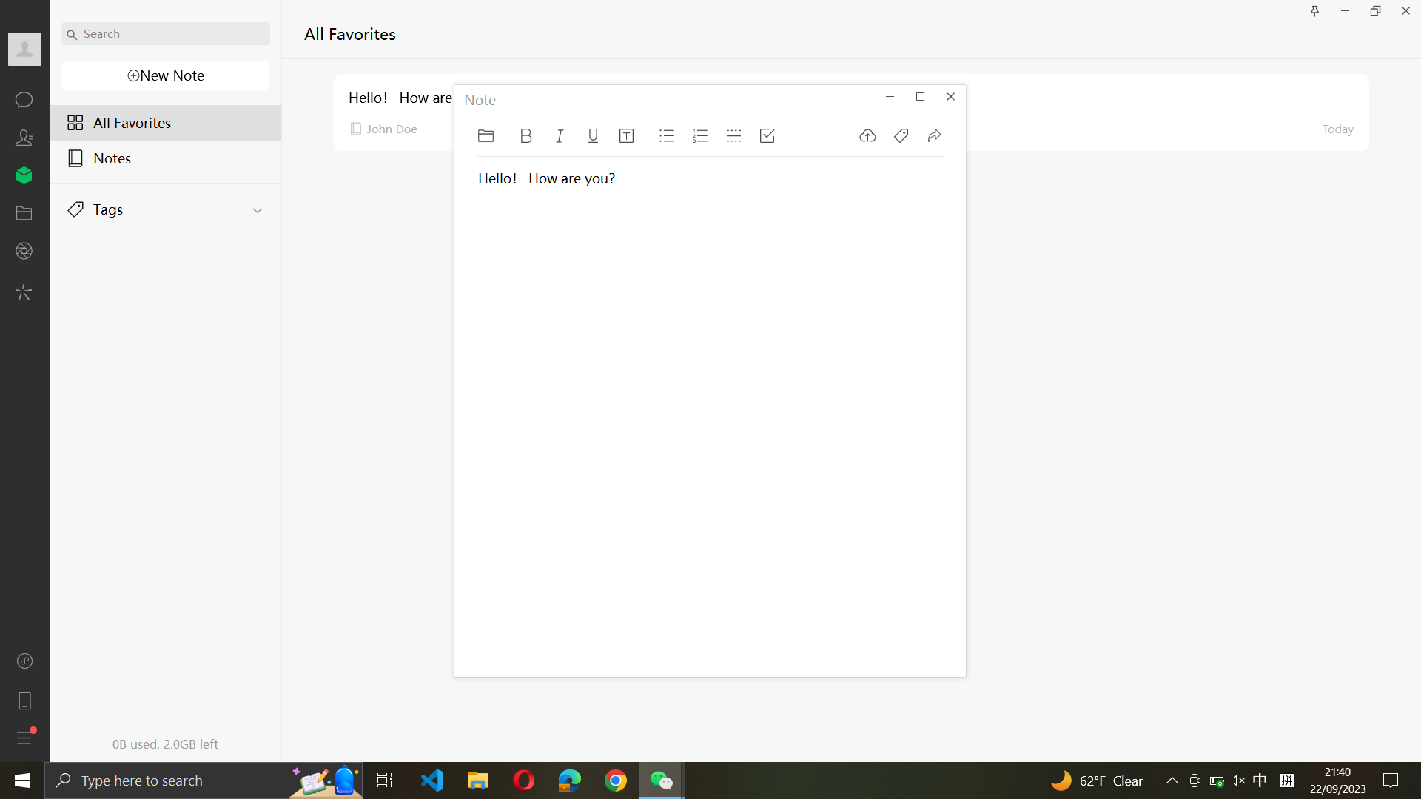 The height and width of the screenshot is (799, 1421). Describe the element at coordinates (951, 97) in the screenshot. I see `Shutdown the Note window` at that location.